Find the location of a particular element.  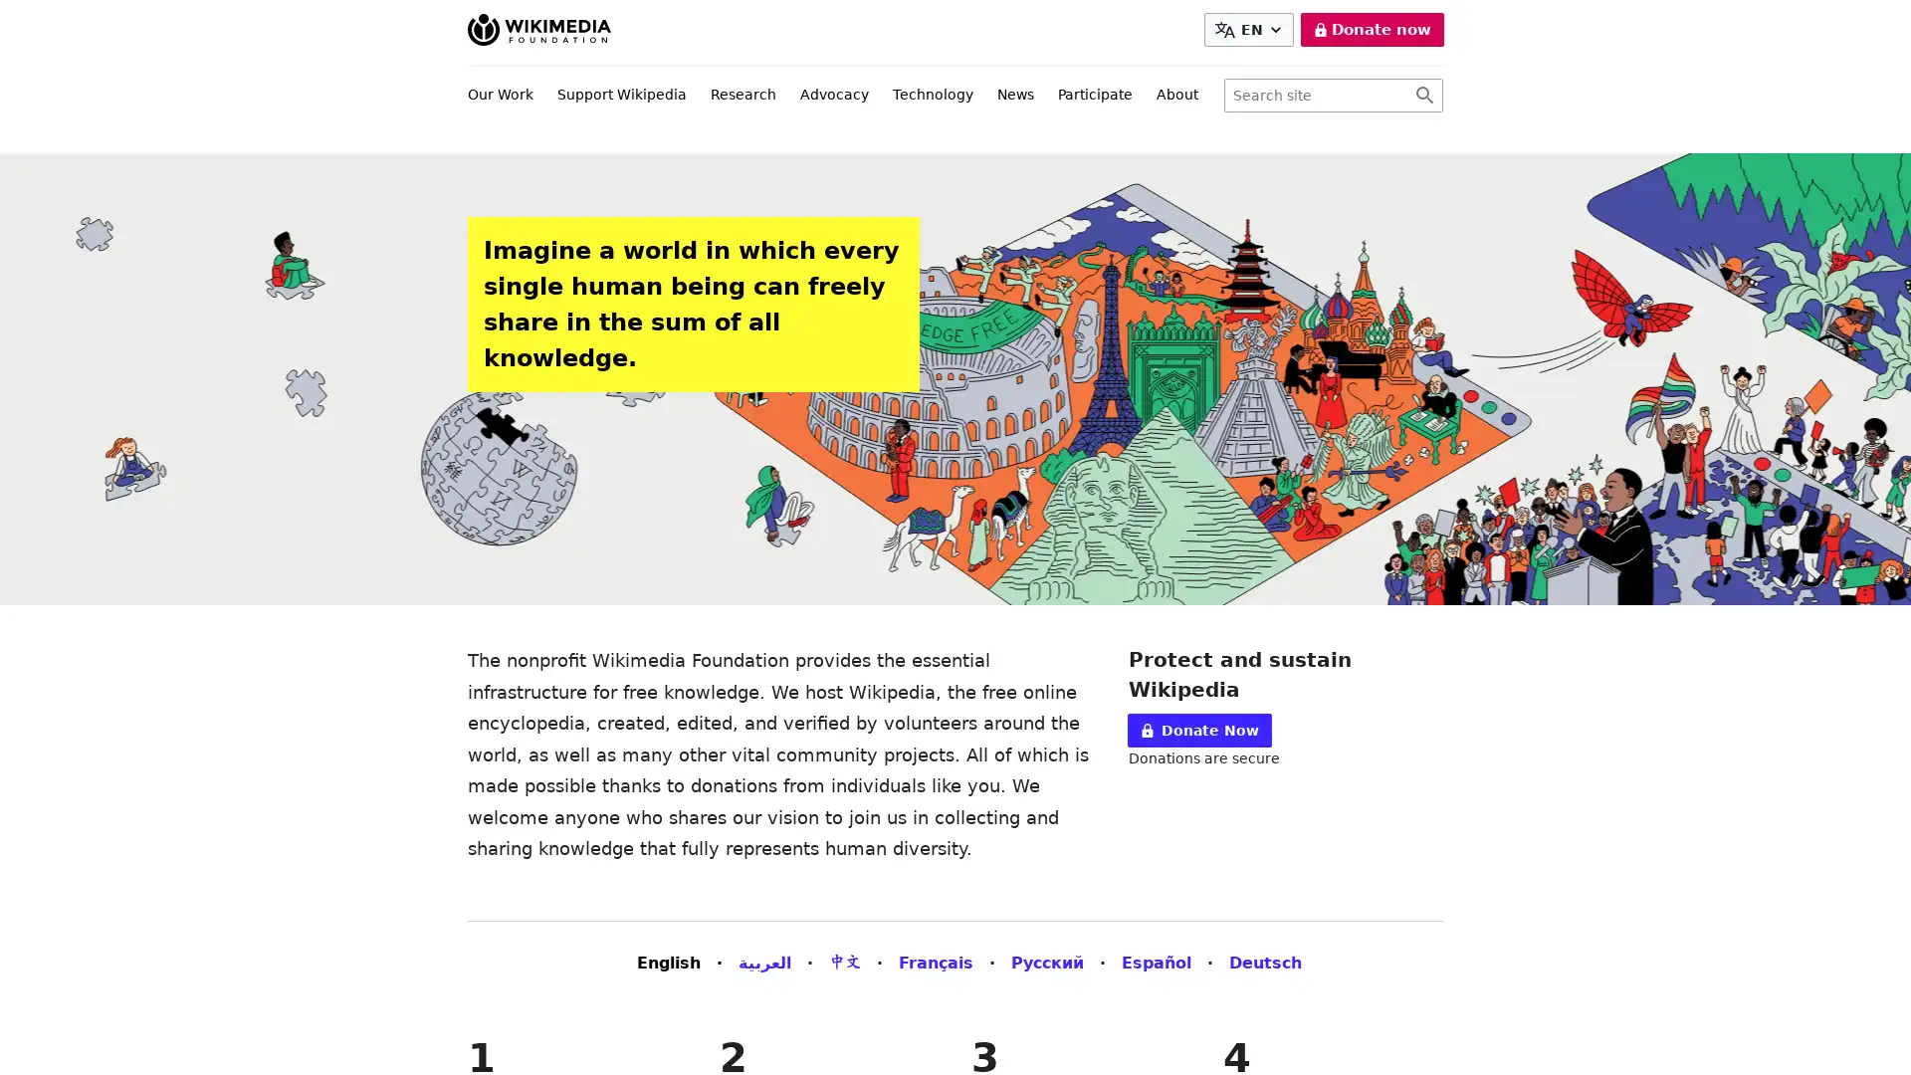

CURRENT LANGUAGE: EN is located at coordinates (1251, 30).